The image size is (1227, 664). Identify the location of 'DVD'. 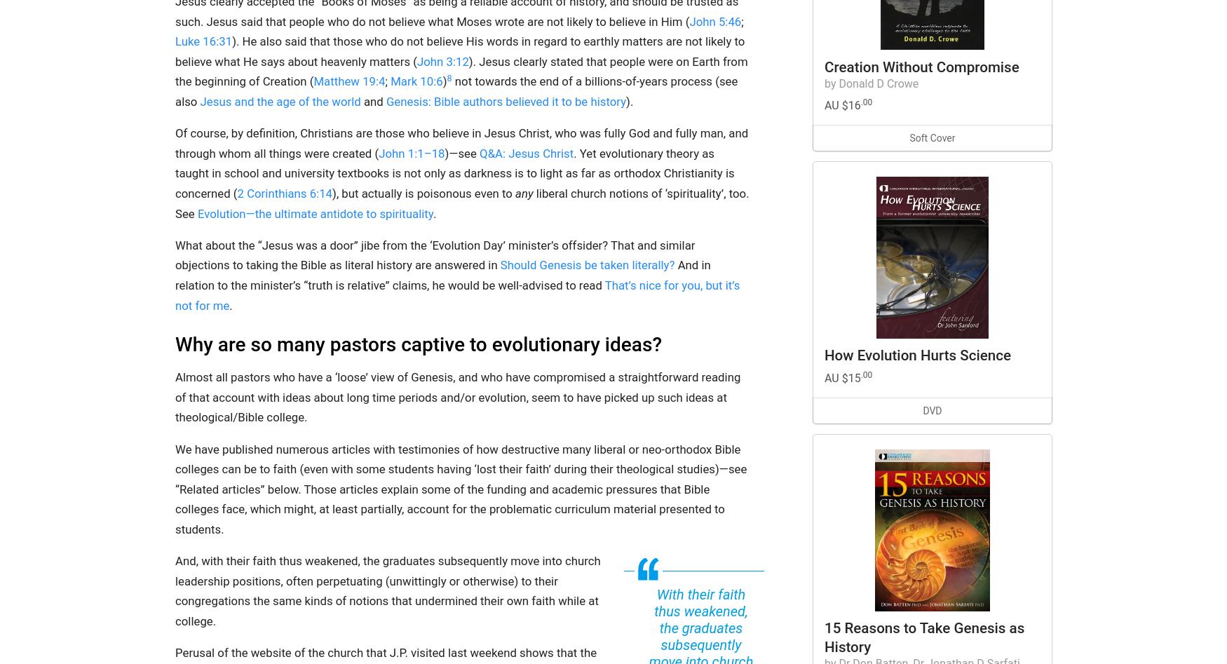
(932, 409).